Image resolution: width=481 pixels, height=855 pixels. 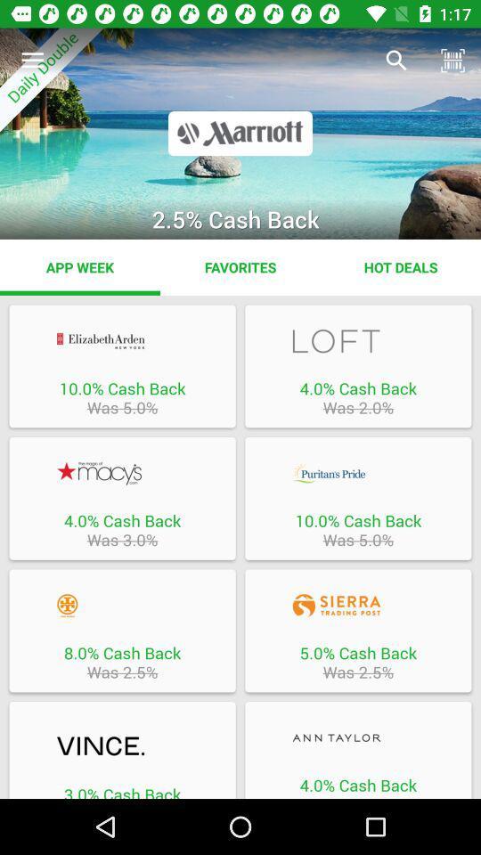 I want to click on click the anntaylor, so click(x=358, y=737).